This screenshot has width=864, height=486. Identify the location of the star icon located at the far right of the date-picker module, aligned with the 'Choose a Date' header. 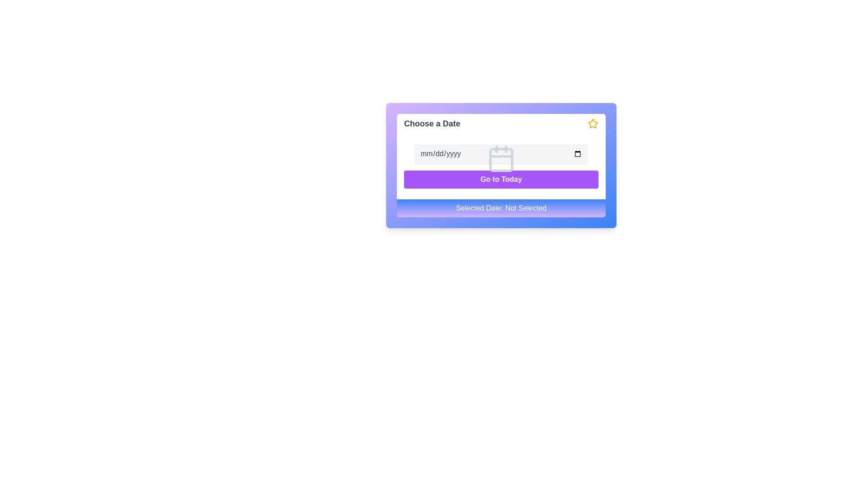
(593, 123).